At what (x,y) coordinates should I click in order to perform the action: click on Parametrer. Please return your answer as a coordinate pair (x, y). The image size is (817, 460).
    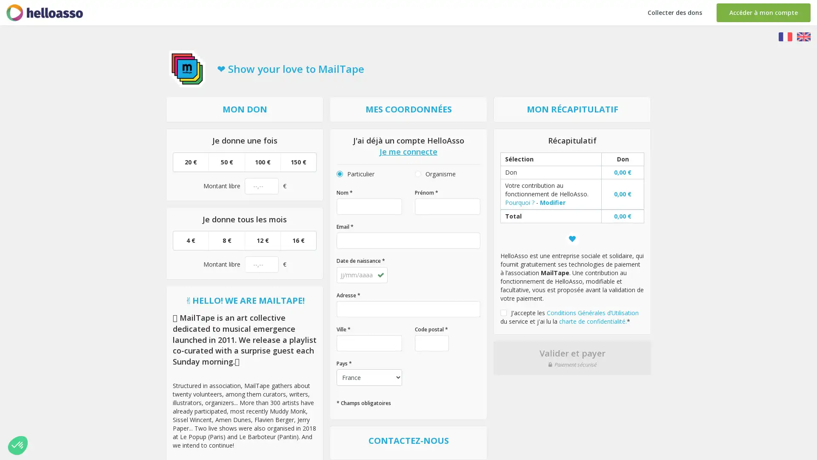
    Looking at the image, I should click on (98, 417).